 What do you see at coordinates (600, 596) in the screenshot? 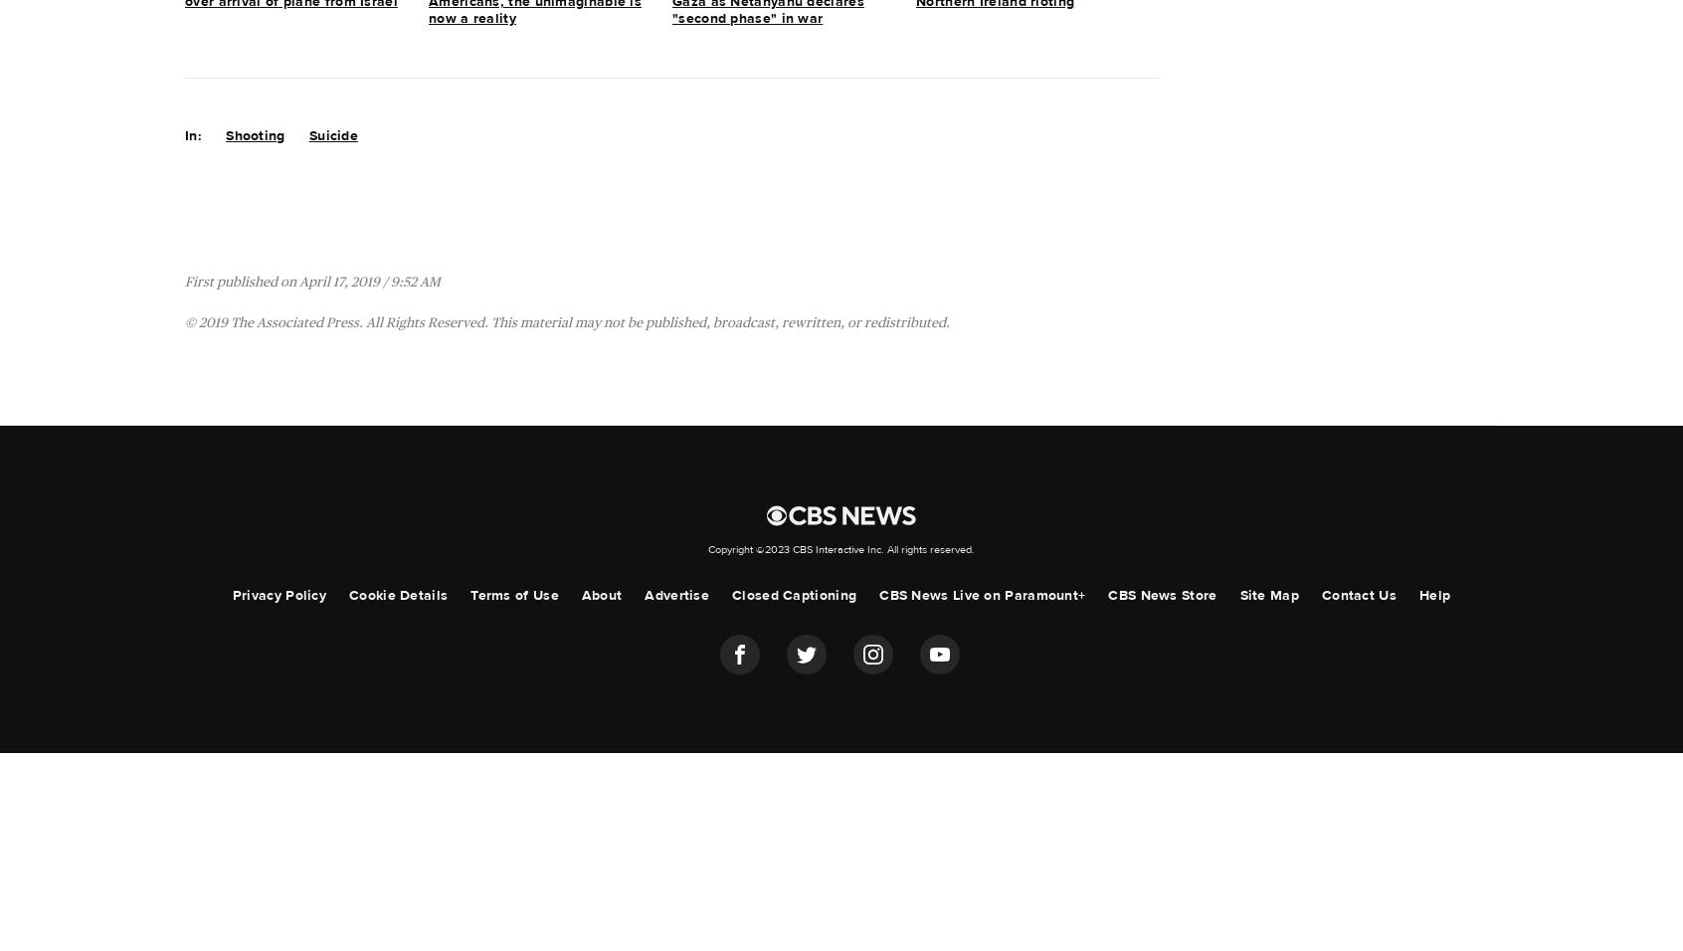
I see `'About'` at bounding box center [600, 596].